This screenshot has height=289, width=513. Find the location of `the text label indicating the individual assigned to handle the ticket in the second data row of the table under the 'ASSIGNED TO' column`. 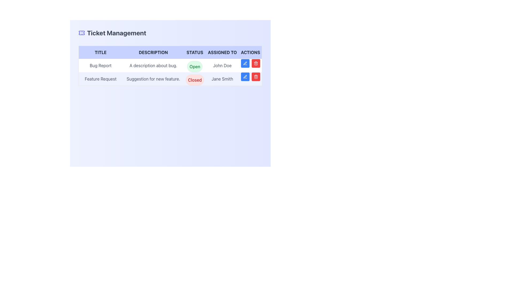

the text label indicating the individual assigned to handle the ticket in the second data row of the table under the 'ASSIGNED TO' column is located at coordinates (222, 79).